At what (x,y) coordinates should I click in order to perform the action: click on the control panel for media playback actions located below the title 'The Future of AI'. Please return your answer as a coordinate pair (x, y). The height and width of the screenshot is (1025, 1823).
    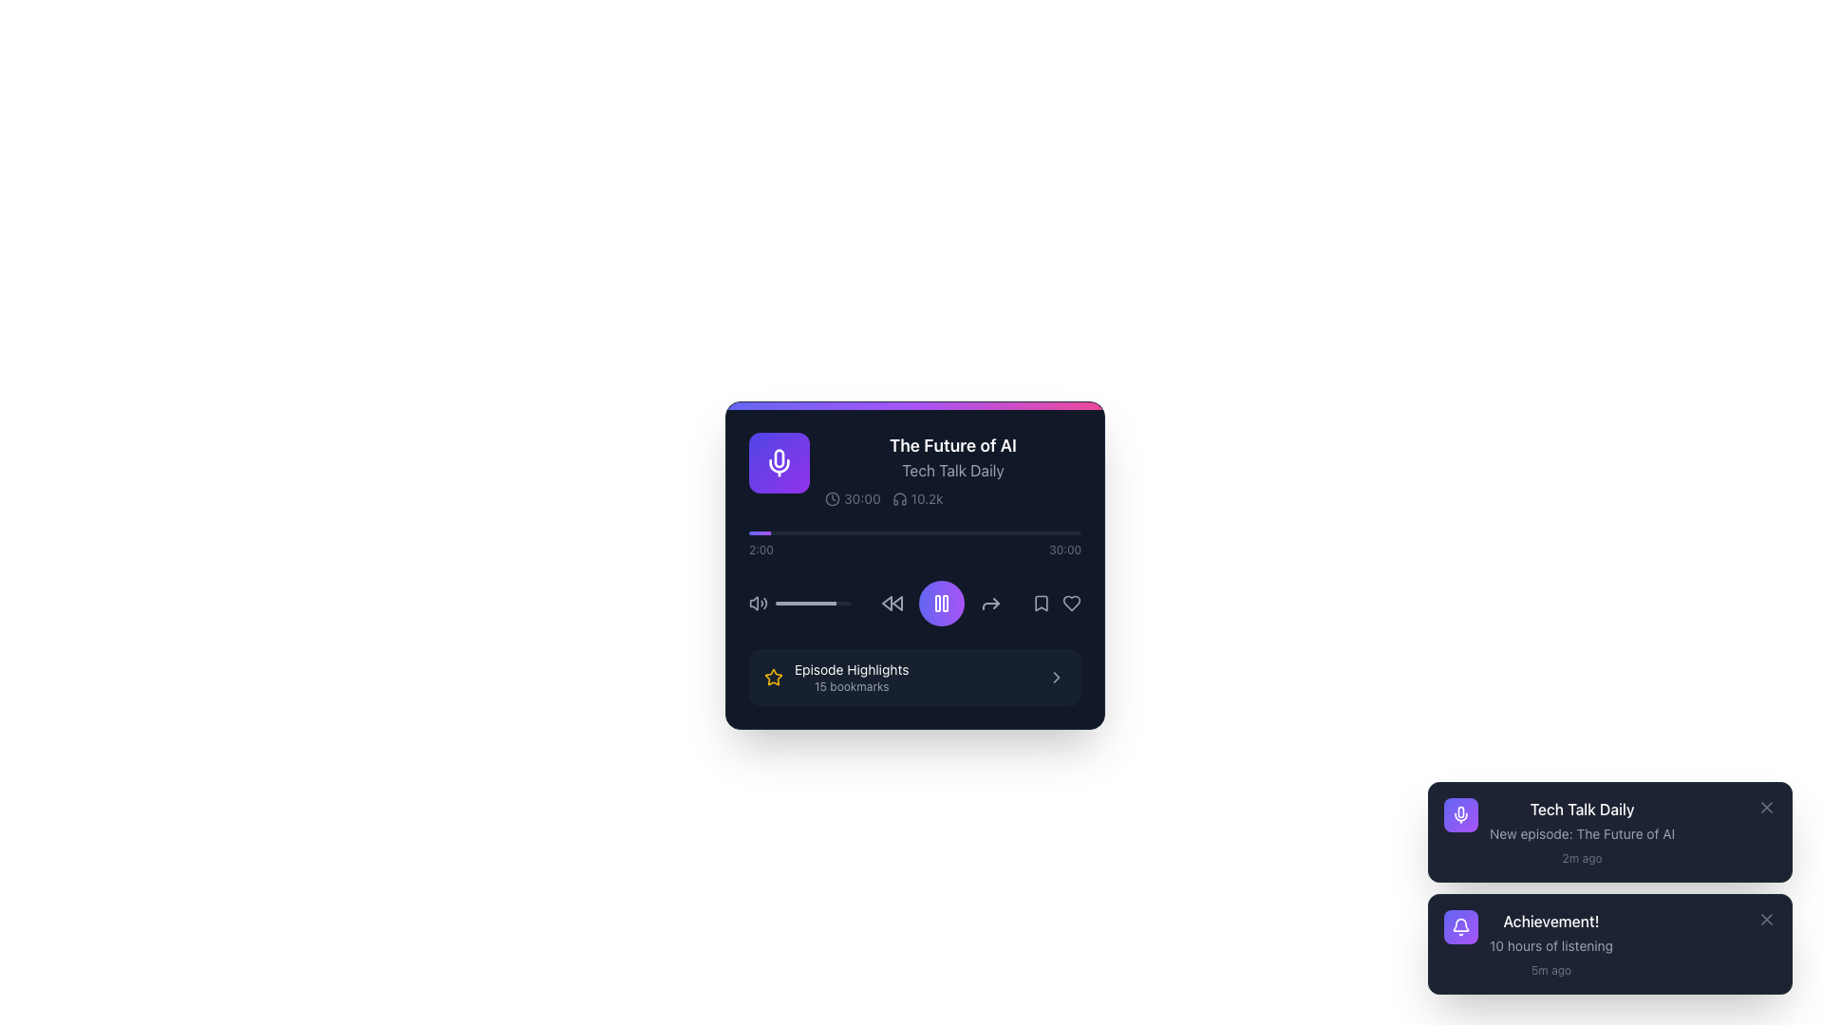
    Looking at the image, I should click on (915, 604).